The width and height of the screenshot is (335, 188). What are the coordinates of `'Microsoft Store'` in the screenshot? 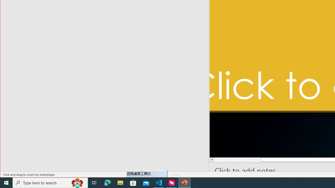 It's located at (133, 182).